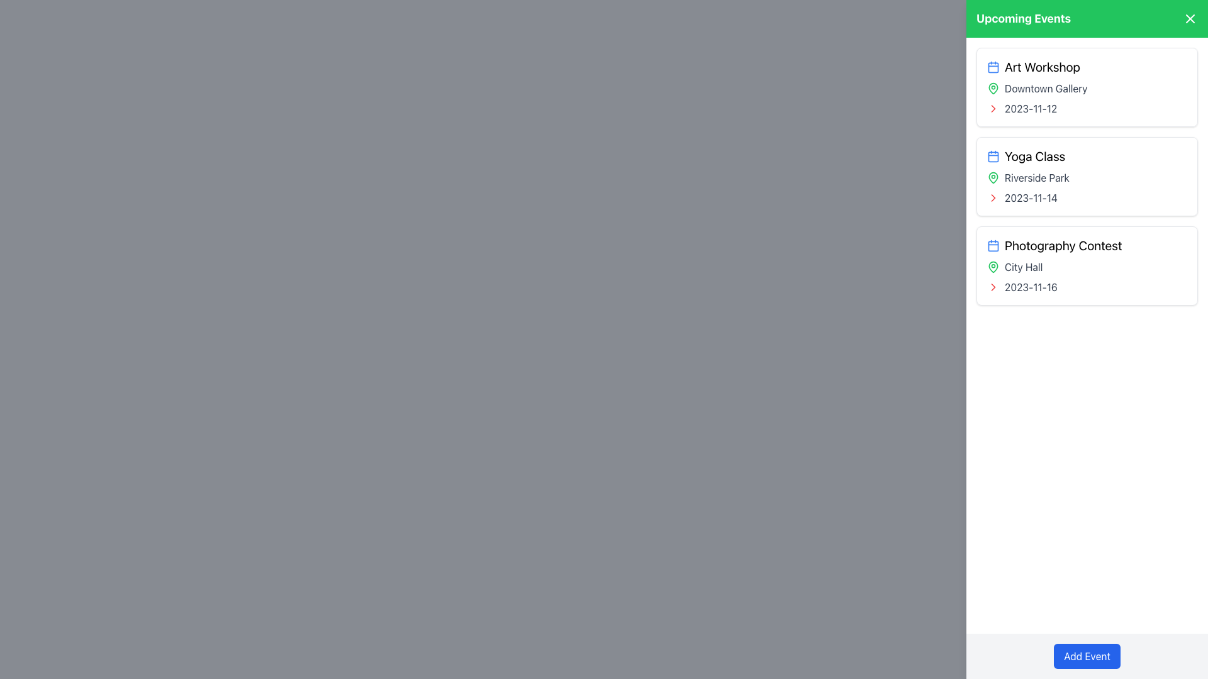 This screenshot has width=1208, height=679. I want to click on the right-facing red chevron icon associated with the 'Yoga Class' event on '2023-11-14', which is positioned to the left of the date display, so click(993, 198).